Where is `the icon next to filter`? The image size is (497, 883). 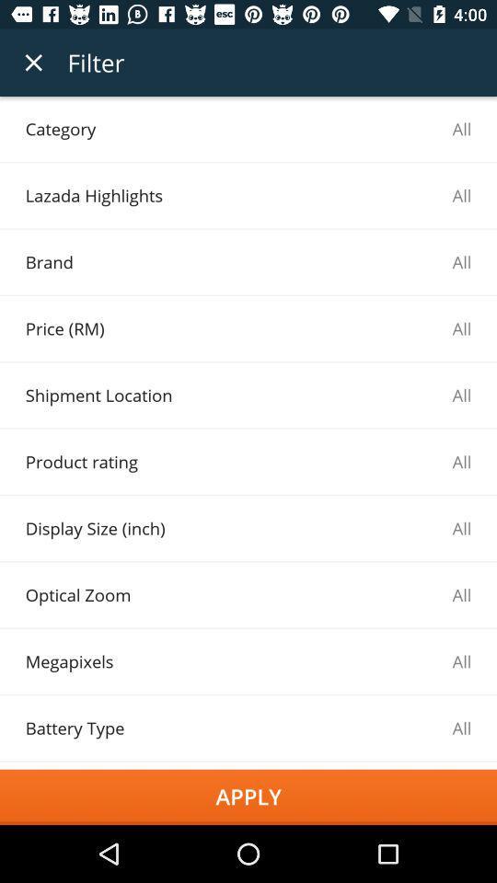
the icon next to filter is located at coordinates (33, 63).